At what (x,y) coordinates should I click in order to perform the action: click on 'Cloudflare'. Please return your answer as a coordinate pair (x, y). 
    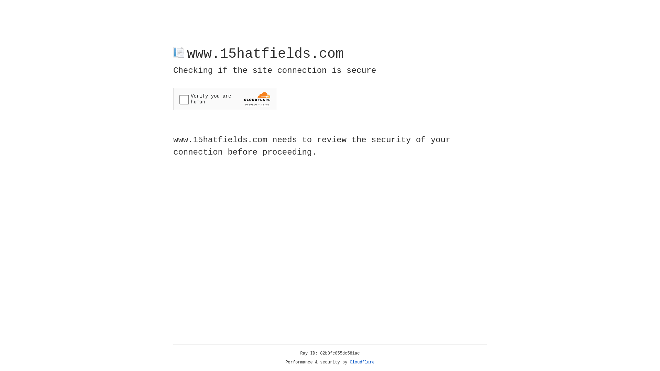
    Looking at the image, I should click on (362, 362).